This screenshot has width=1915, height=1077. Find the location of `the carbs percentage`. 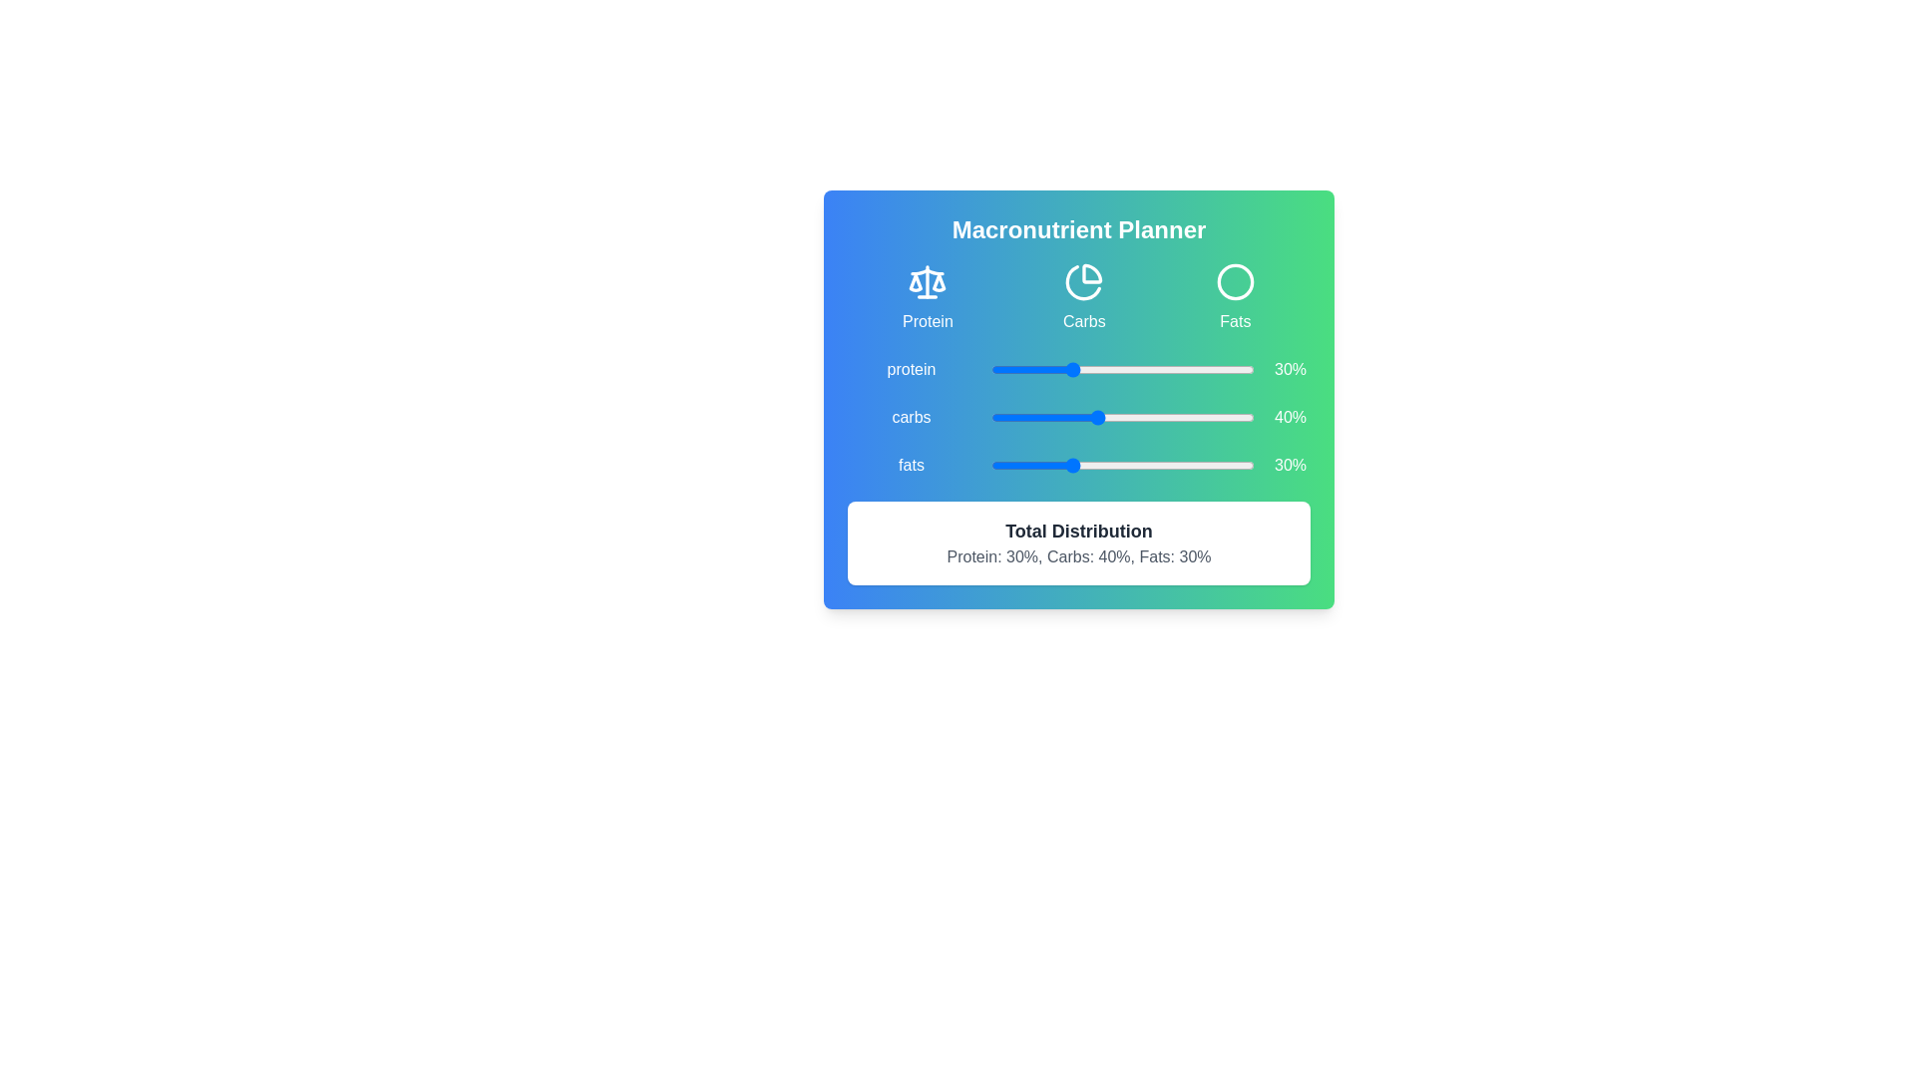

the carbs percentage is located at coordinates (1144, 417).